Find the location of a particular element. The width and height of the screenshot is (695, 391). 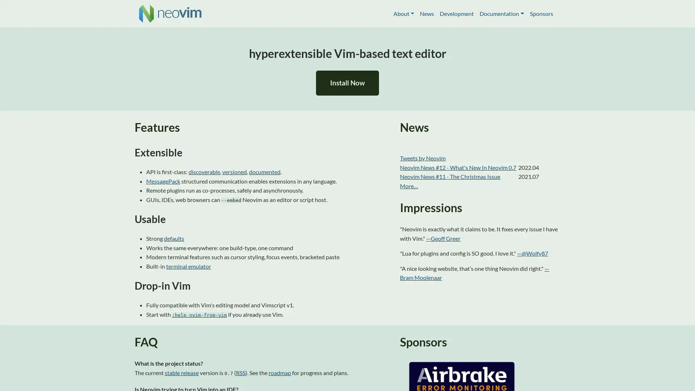

Documentation is located at coordinates (501, 13).